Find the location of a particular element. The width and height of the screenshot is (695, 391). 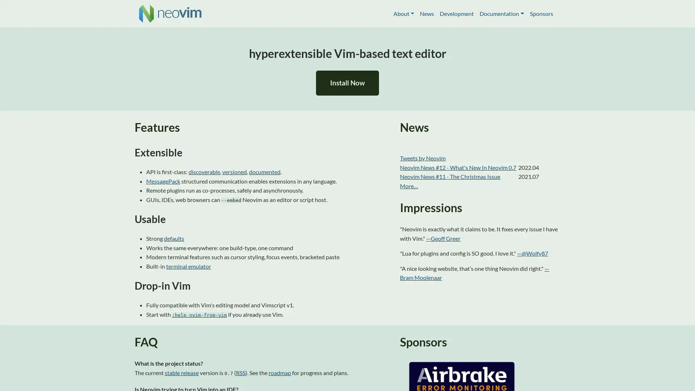

Documentation is located at coordinates (501, 13).